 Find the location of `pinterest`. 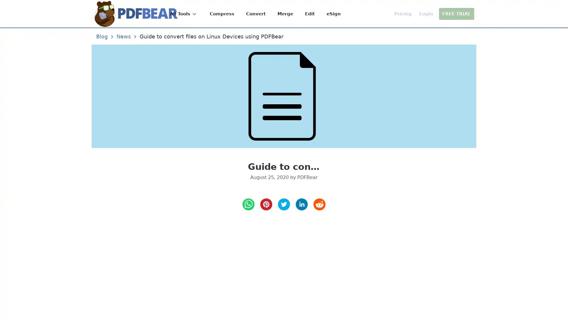

pinterest is located at coordinates (266, 204).